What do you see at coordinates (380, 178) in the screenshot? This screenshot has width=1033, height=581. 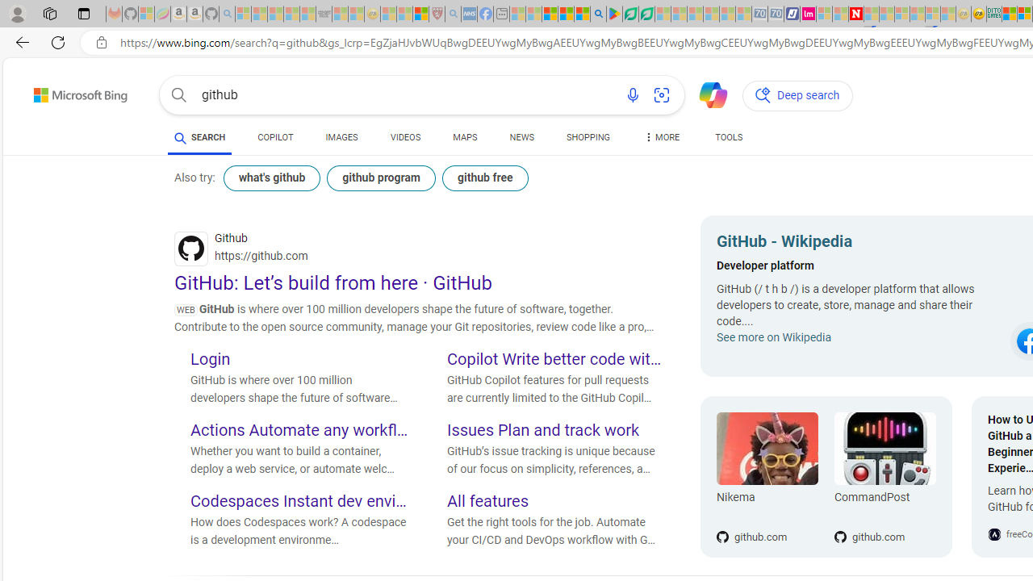 I see `'github program'` at bounding box center [380, 178].